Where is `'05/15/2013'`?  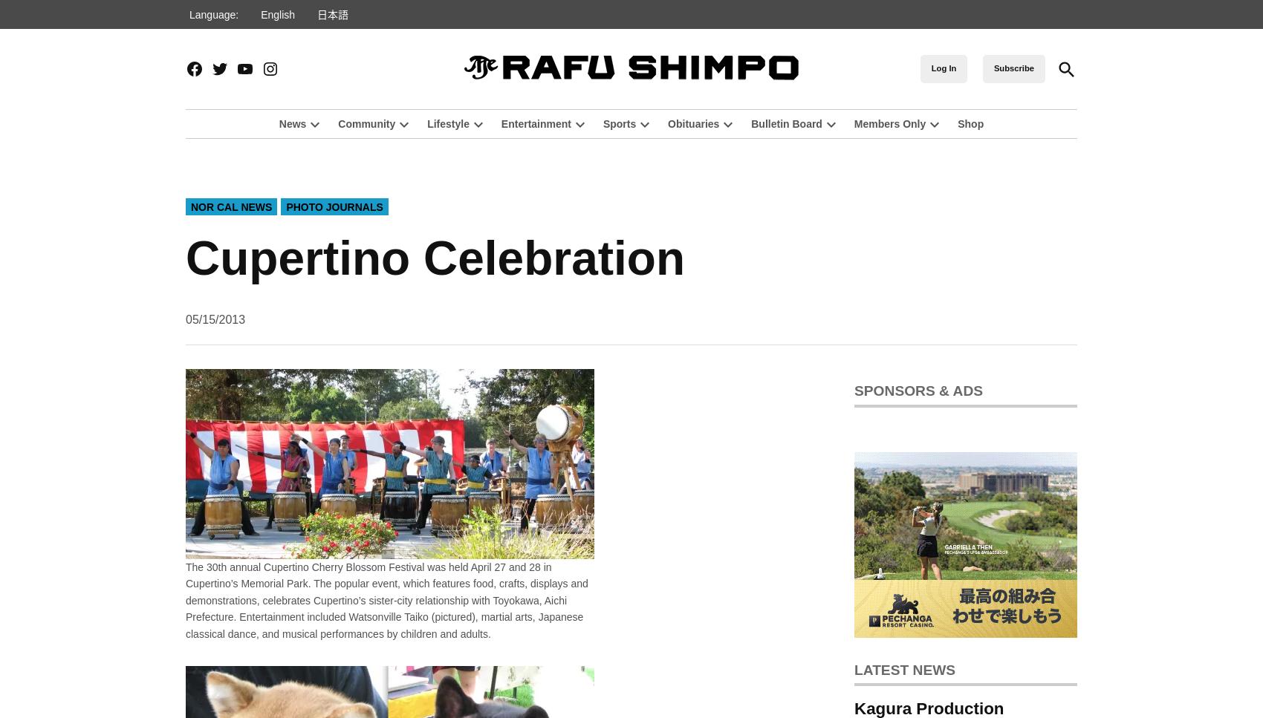 '05/15/2013' is located at coordinates (215, 319).